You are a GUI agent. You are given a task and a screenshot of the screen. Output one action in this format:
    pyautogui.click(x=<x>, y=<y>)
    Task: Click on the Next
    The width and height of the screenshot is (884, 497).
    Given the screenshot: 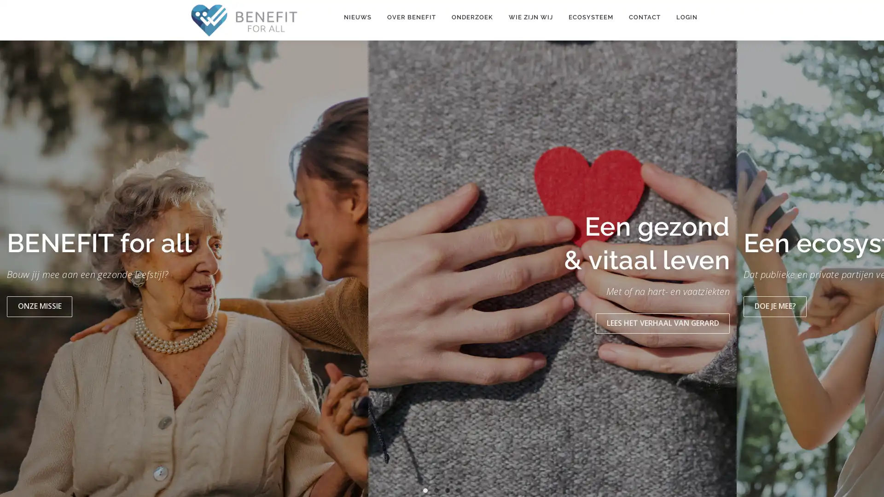 What is the action you would take?
    pyautogui.click(x=866, y=271)
    